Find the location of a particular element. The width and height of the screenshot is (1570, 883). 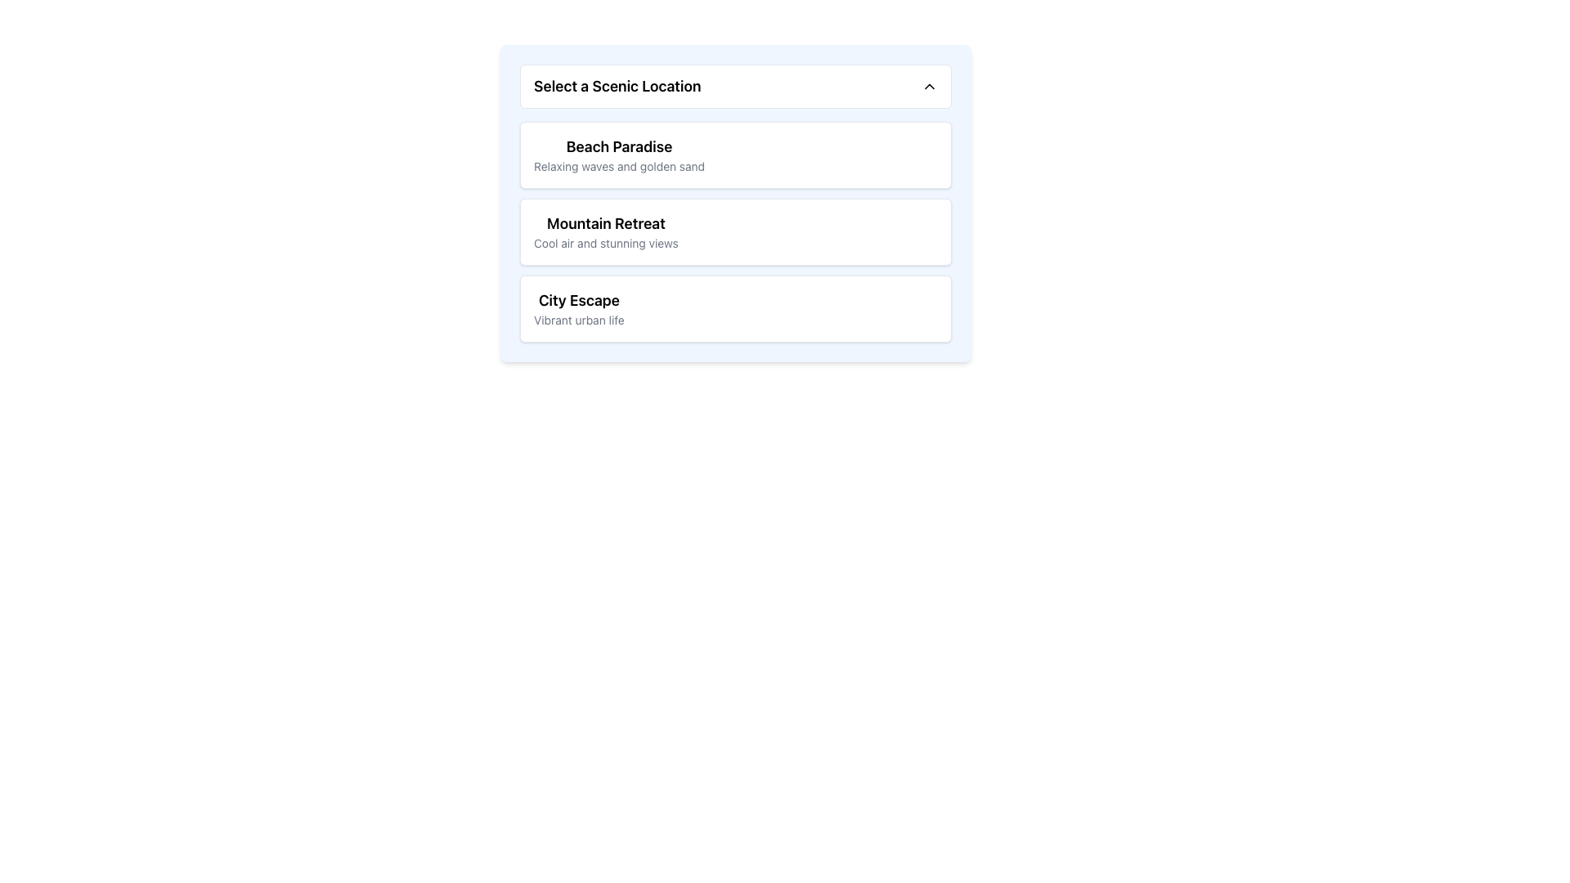

descriptive text of the Text label located under the title 'Select a Scenic Location' within the first option of the scenic location choices is located at coordinates (618, 155).